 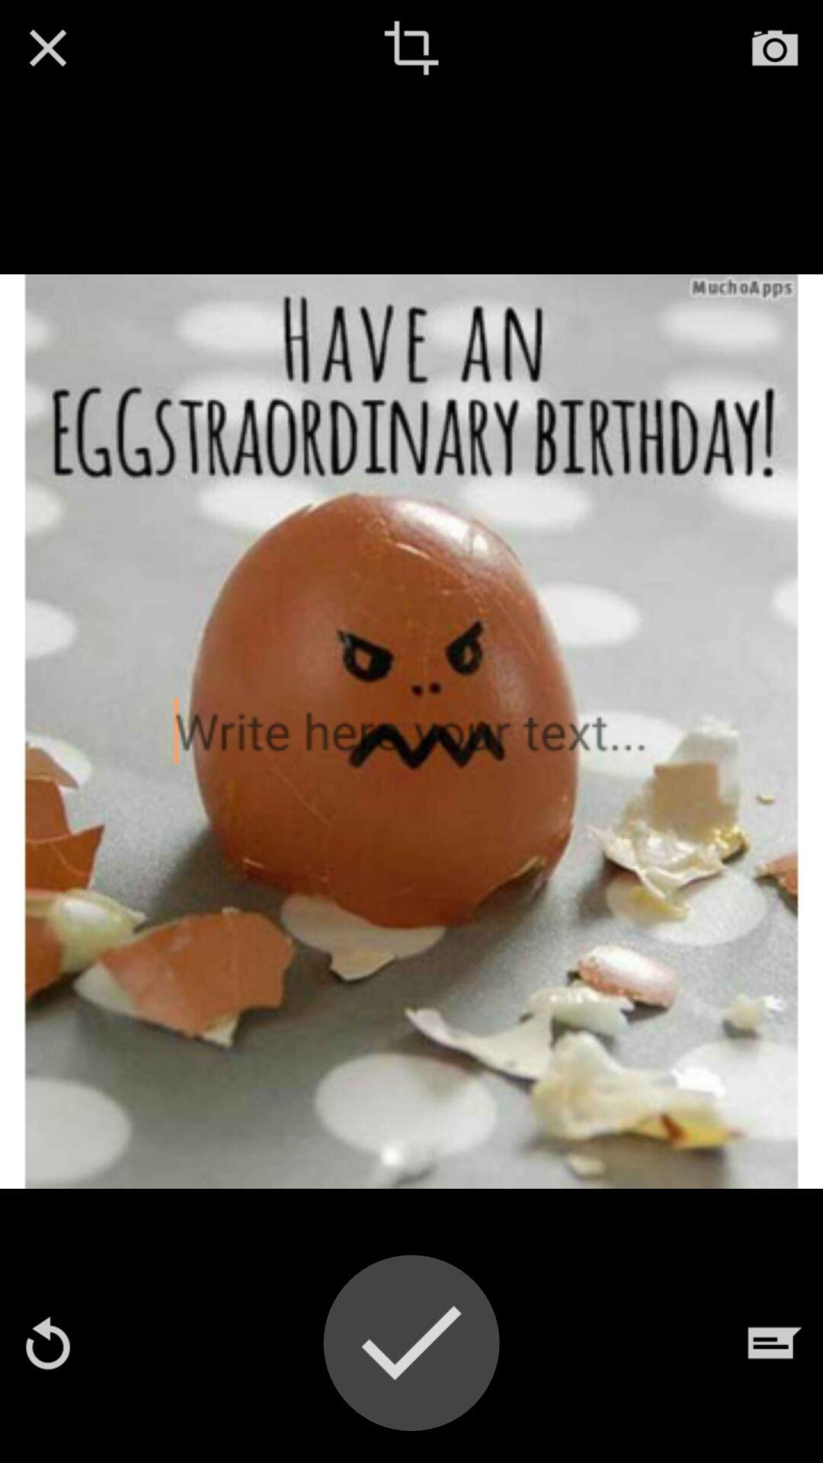 What do you see at coordinates (46, 47) in the screenshot?
I see `cancel` at bounding box center [46, 47].